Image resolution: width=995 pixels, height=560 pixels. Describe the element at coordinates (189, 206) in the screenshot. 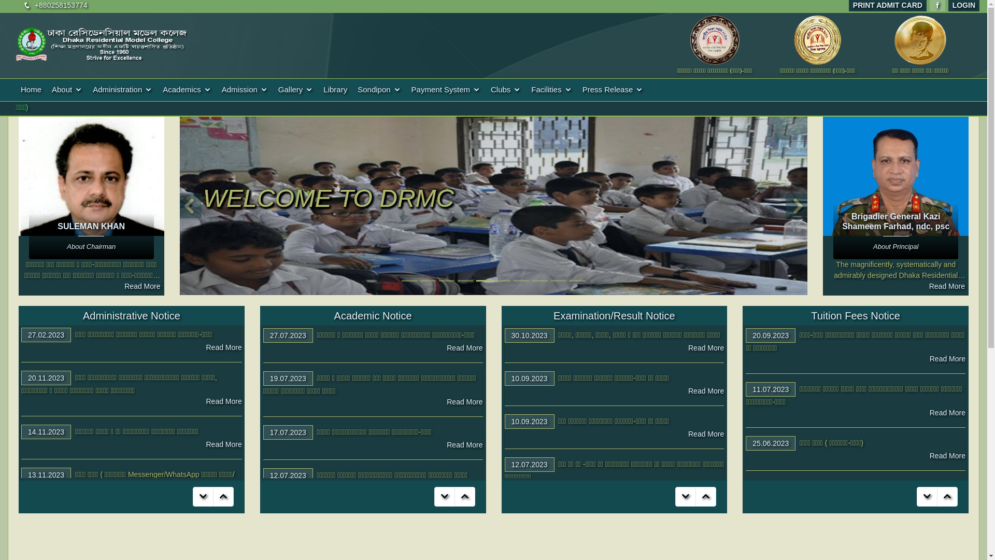

I see `'Previous'` at that location.